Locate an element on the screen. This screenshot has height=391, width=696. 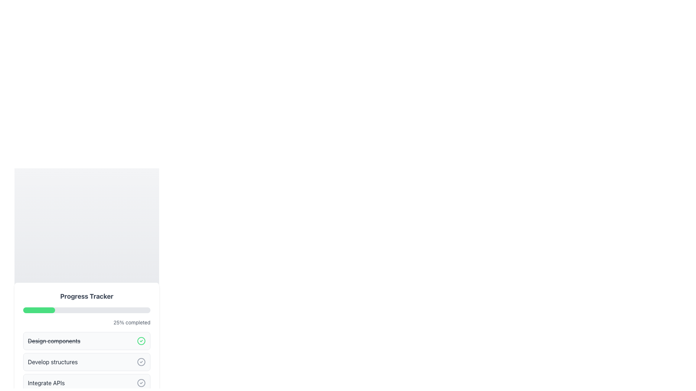
the text label displaying 'Design components' with a strike-through style in the Progress Tracker section to indicate its completion or irrelevance is located at coordinates (54, 341).